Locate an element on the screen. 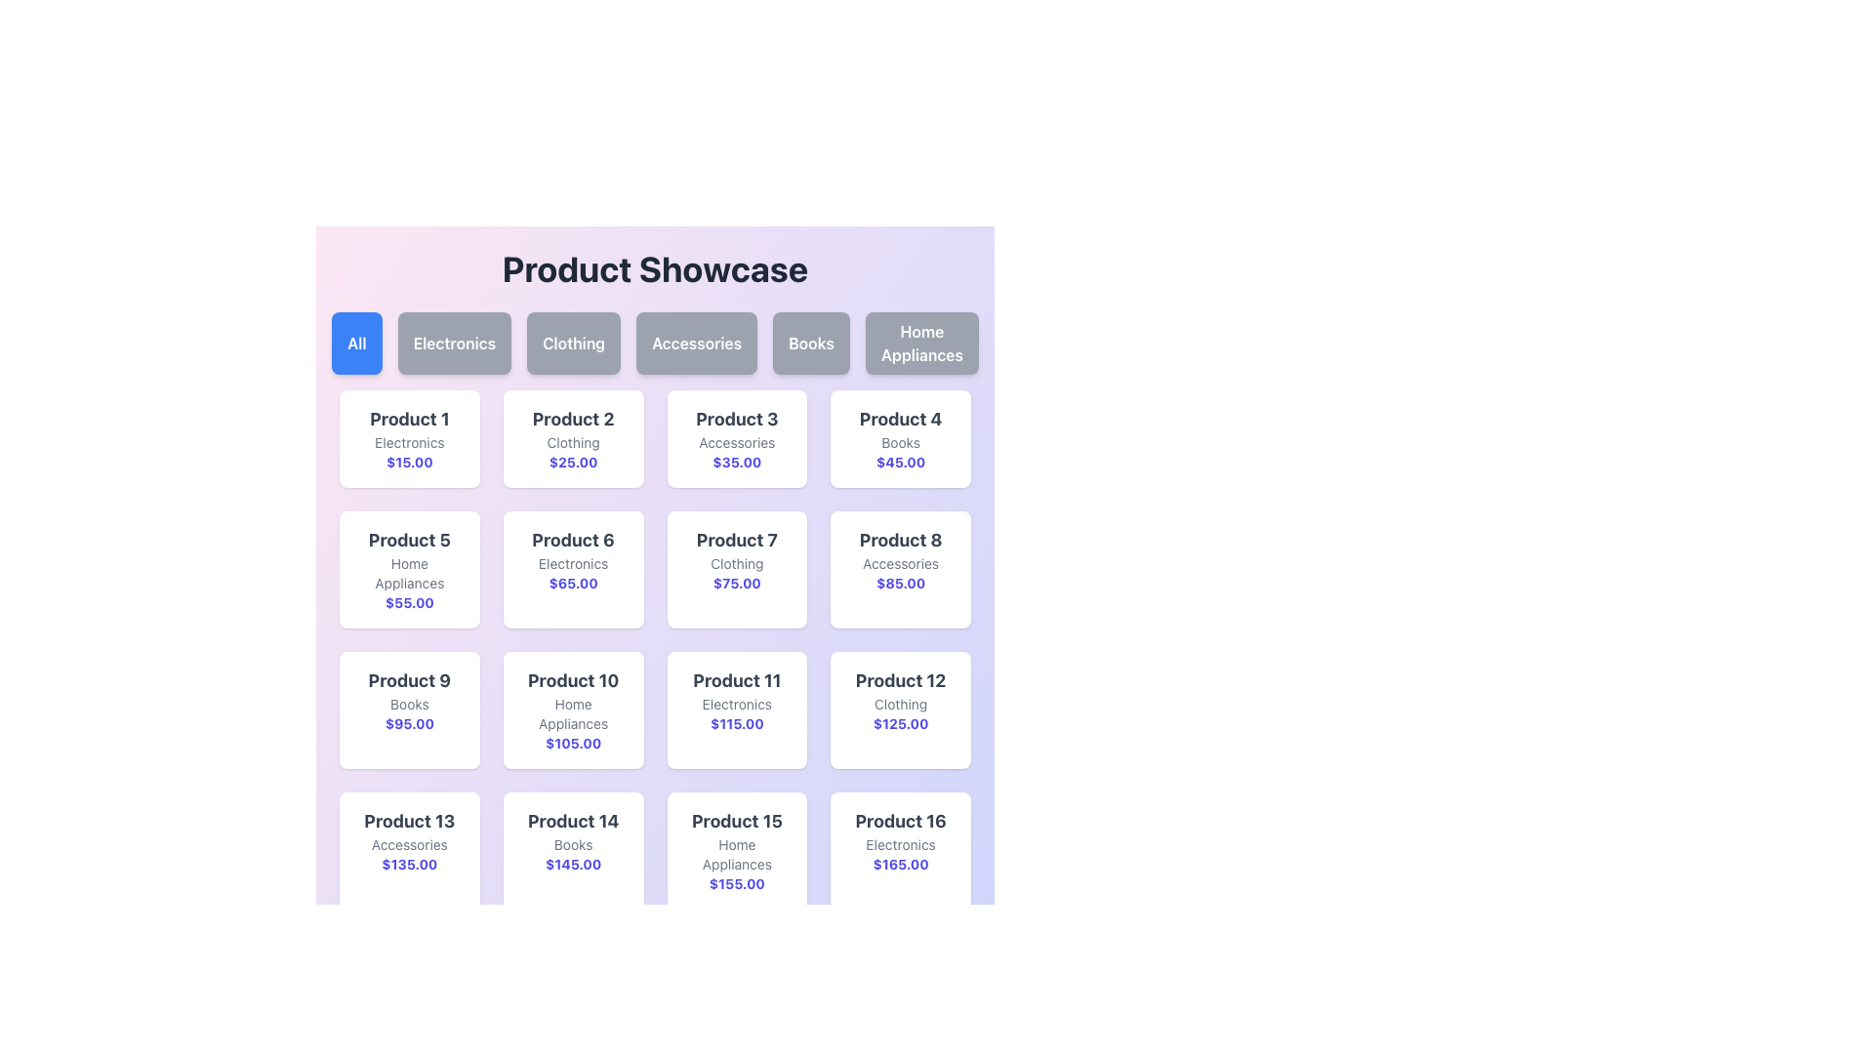  the rectangular card displaying details about 'Product 1', which includes the title, category, and price, located in the first column and first row of the grid layout is located at coordinates (408, 439).